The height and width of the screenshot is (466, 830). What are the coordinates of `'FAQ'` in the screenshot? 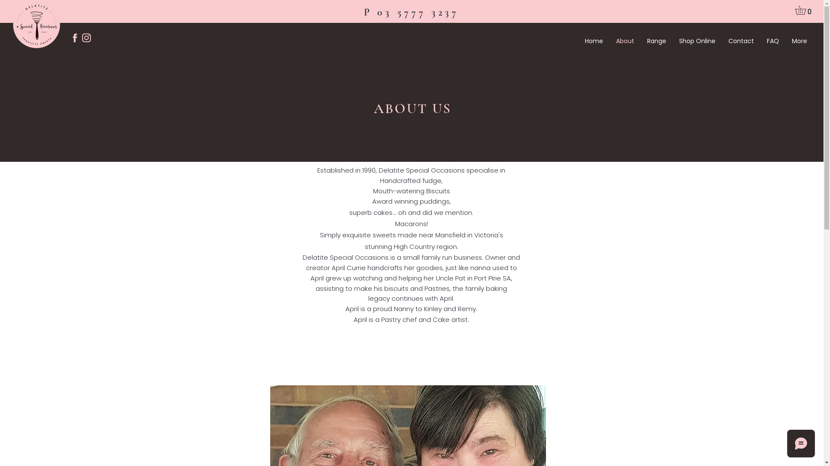 It's located at (760, 41).